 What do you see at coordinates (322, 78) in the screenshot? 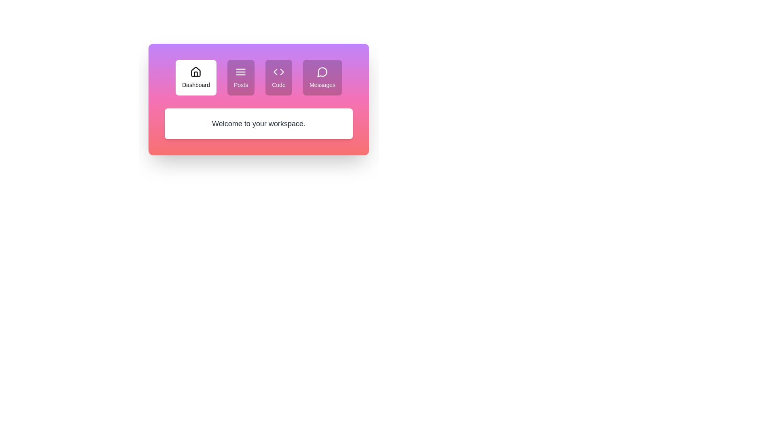
I see `the tab labeled Messages to observe visual changes` at bounding box center [322, 78].